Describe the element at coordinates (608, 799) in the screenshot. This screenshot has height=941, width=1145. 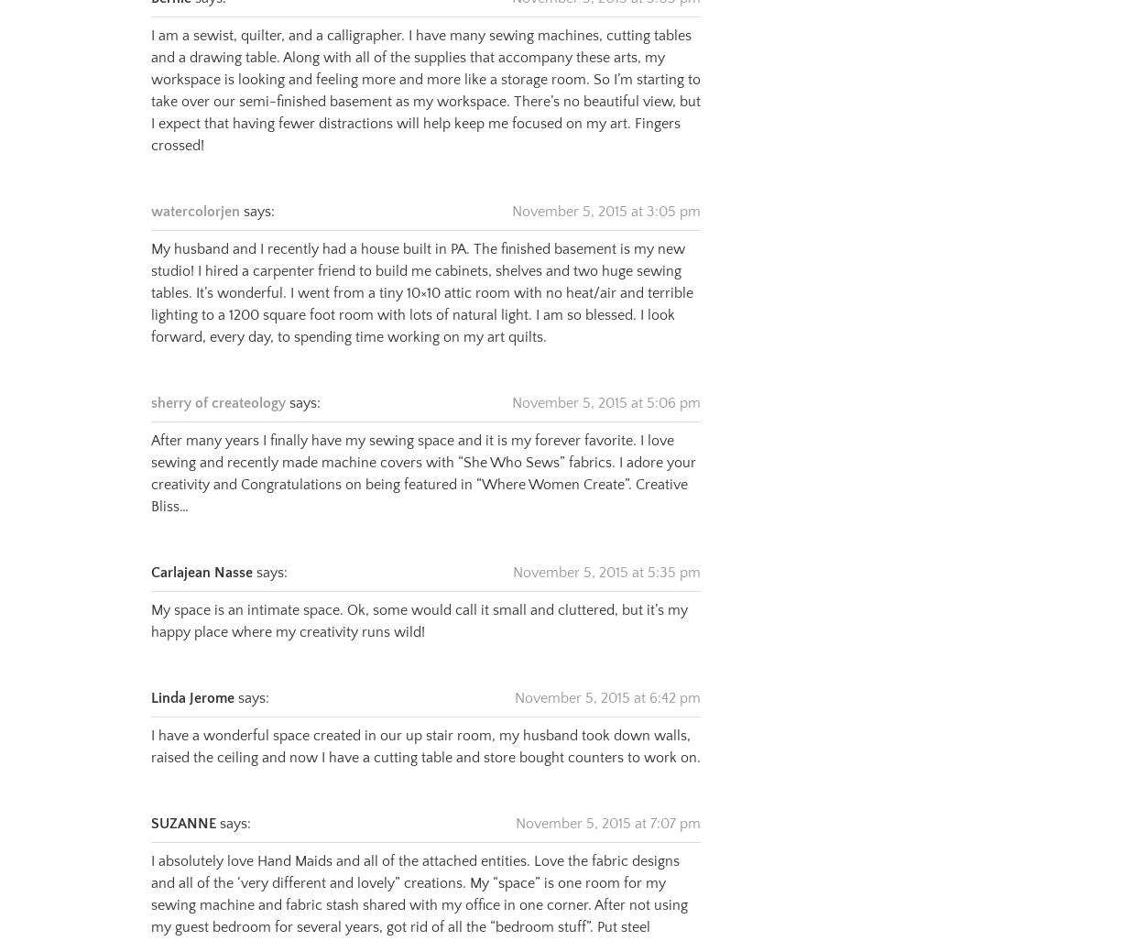
I see `'November 5, 2015 at 7:07 pm'` at that location.